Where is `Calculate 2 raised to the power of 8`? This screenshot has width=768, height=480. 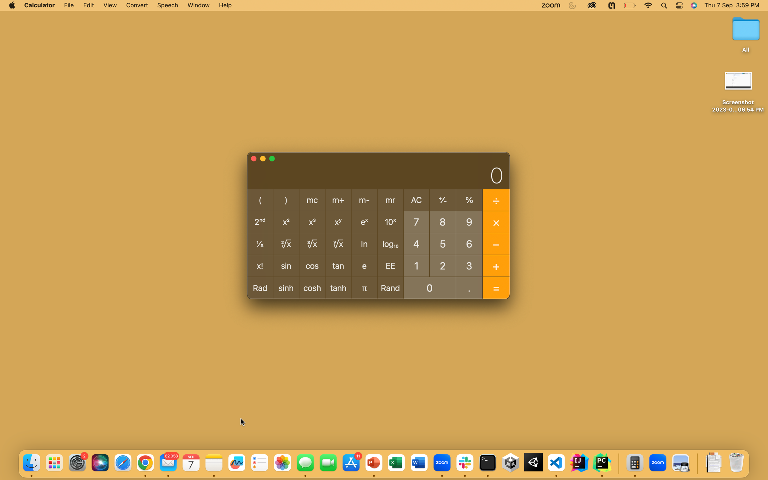
Calculate 2 raised to the power of 8 is located at coordinates (442, 265).